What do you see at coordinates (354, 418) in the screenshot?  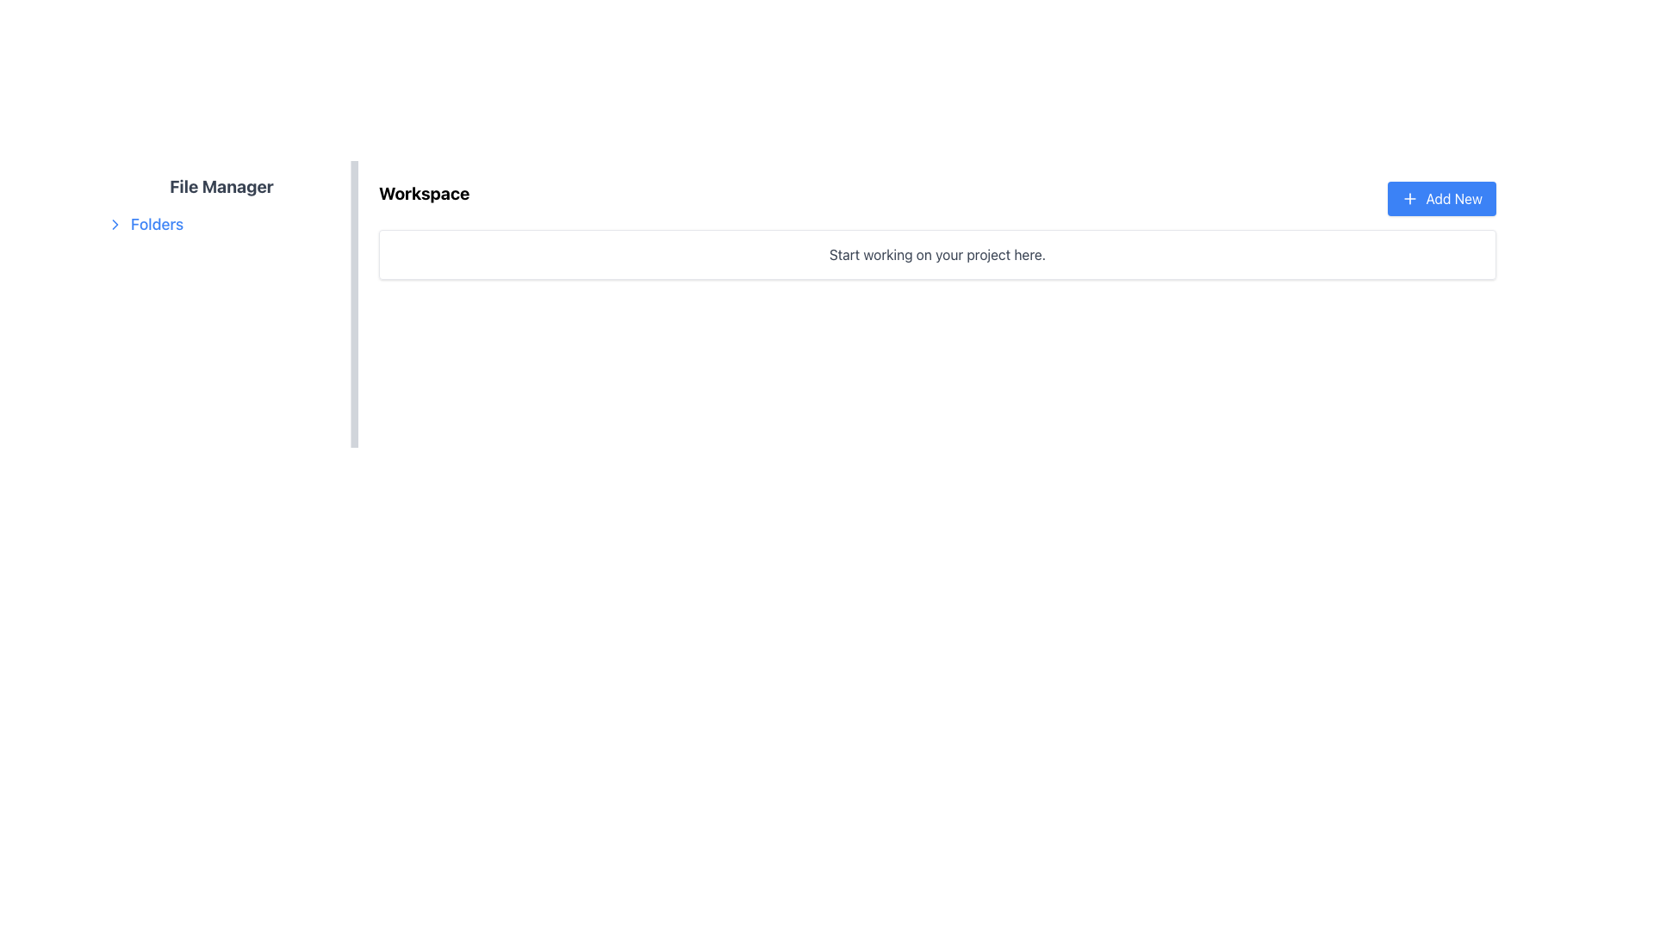 I see `the resizable divider handle located at the far right of the left panel` at bounding box center [354, 418].